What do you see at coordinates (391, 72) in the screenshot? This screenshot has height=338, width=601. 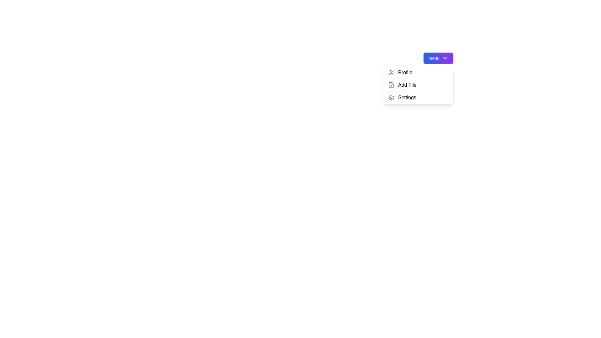 I see `the small, circular user icon with a gray color scheme, which is part of the dropdown menu labeled 'Profile'` at bounding box center [391, 72].